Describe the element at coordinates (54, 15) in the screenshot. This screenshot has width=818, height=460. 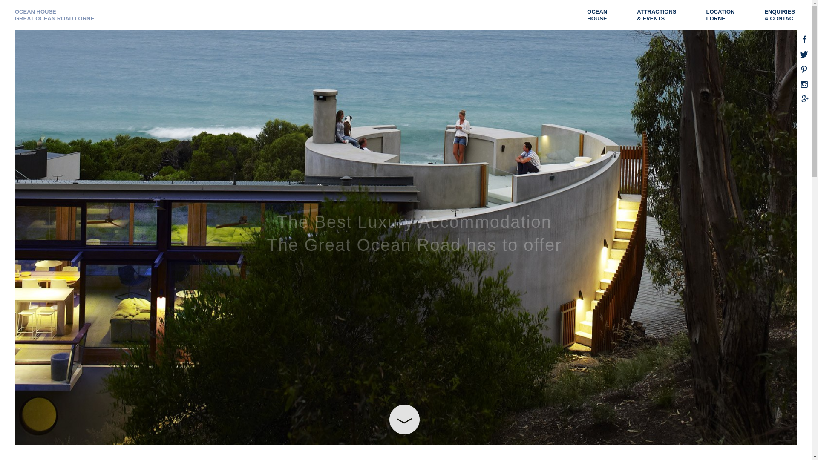
I see `'OCEAN HOUSE` at that location.